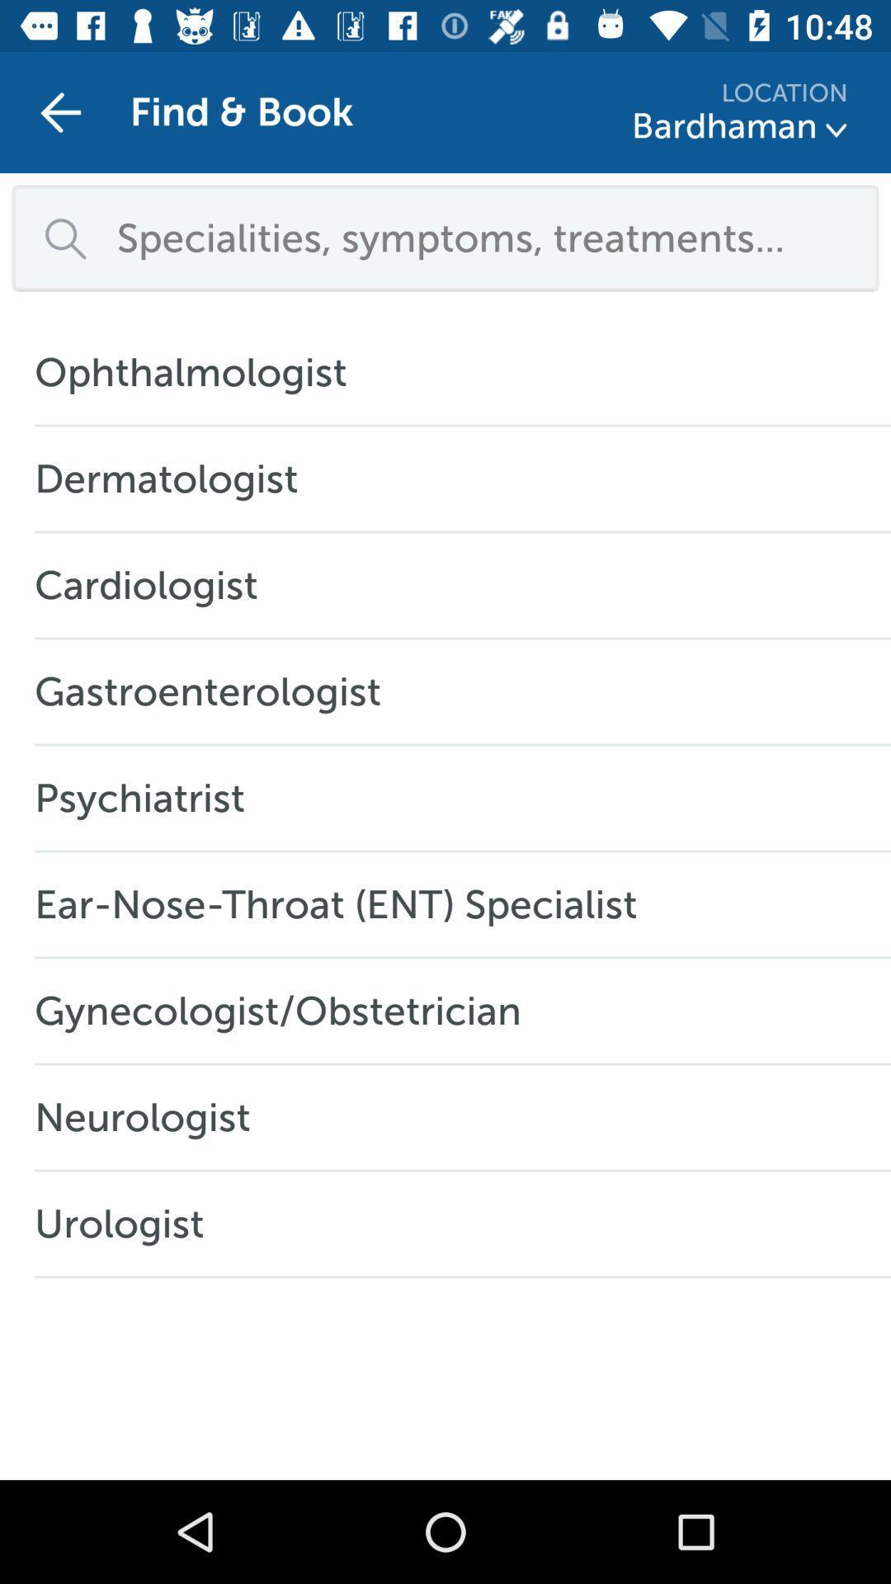  What do you see at coordinates (127, 1223) in the screenshot?
I see `the urologist item` at bounding box center [127, 1223].